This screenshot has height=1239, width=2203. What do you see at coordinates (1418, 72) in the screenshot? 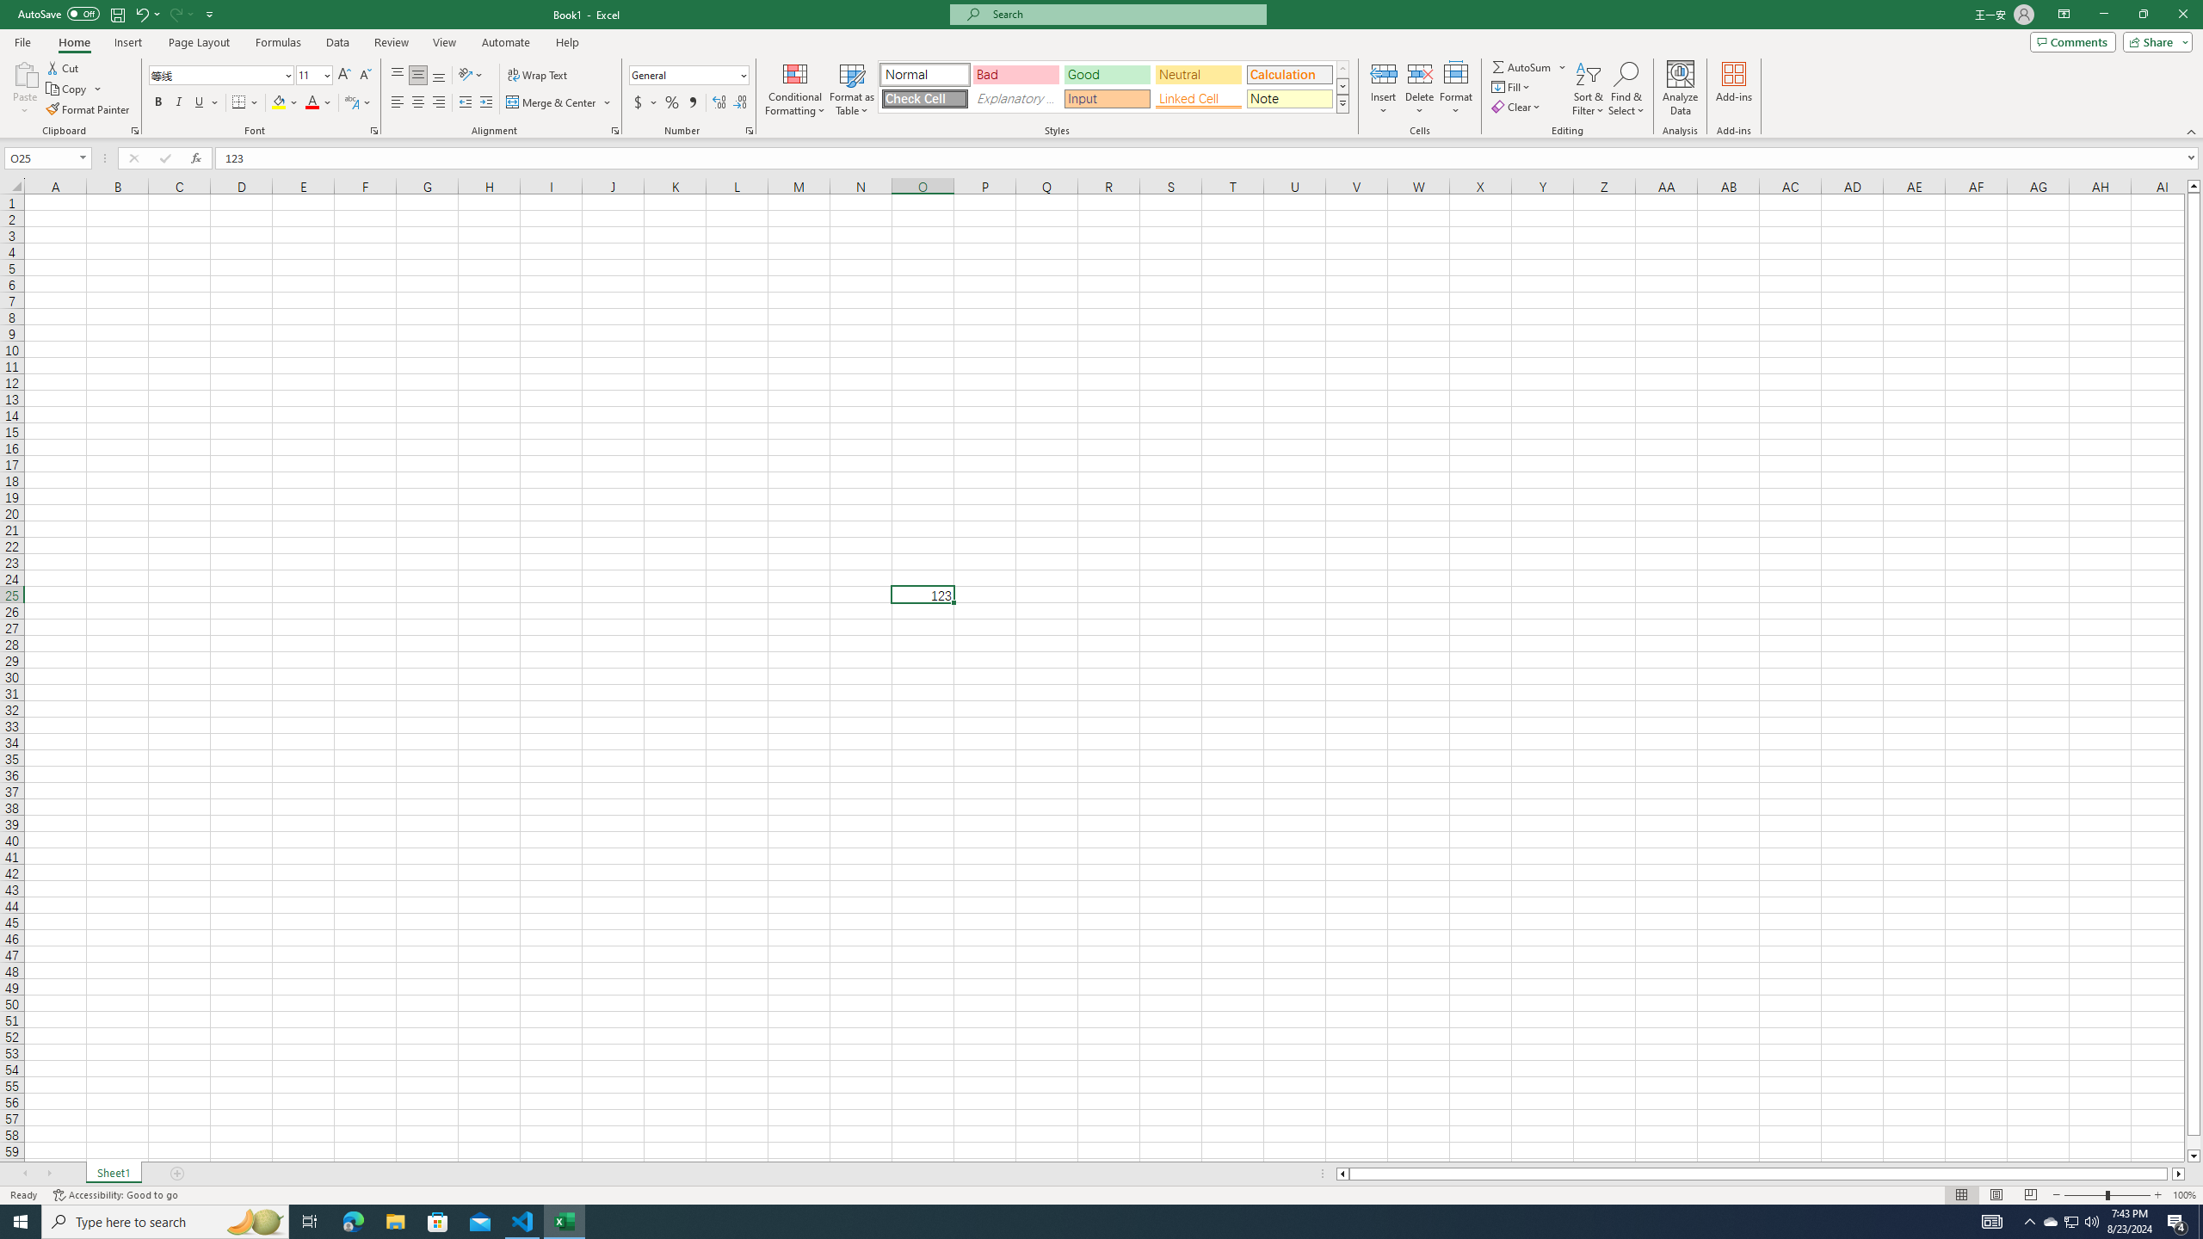
I see `'Delete Cells...'` at bounding box center [1418, 72].